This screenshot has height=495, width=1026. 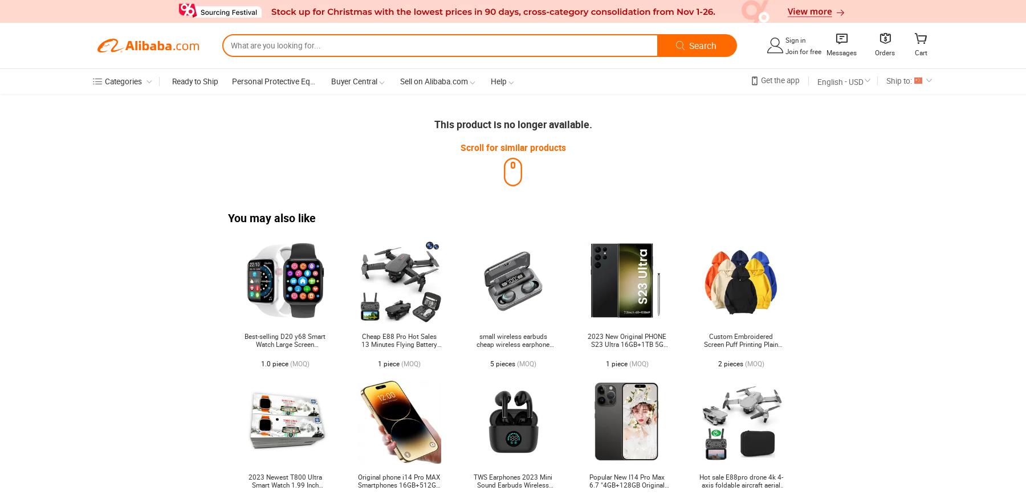 What do you see at coordinates (785, 39) in the screenshot?
I see `'Sign in'` at bounding box center [785, 39].